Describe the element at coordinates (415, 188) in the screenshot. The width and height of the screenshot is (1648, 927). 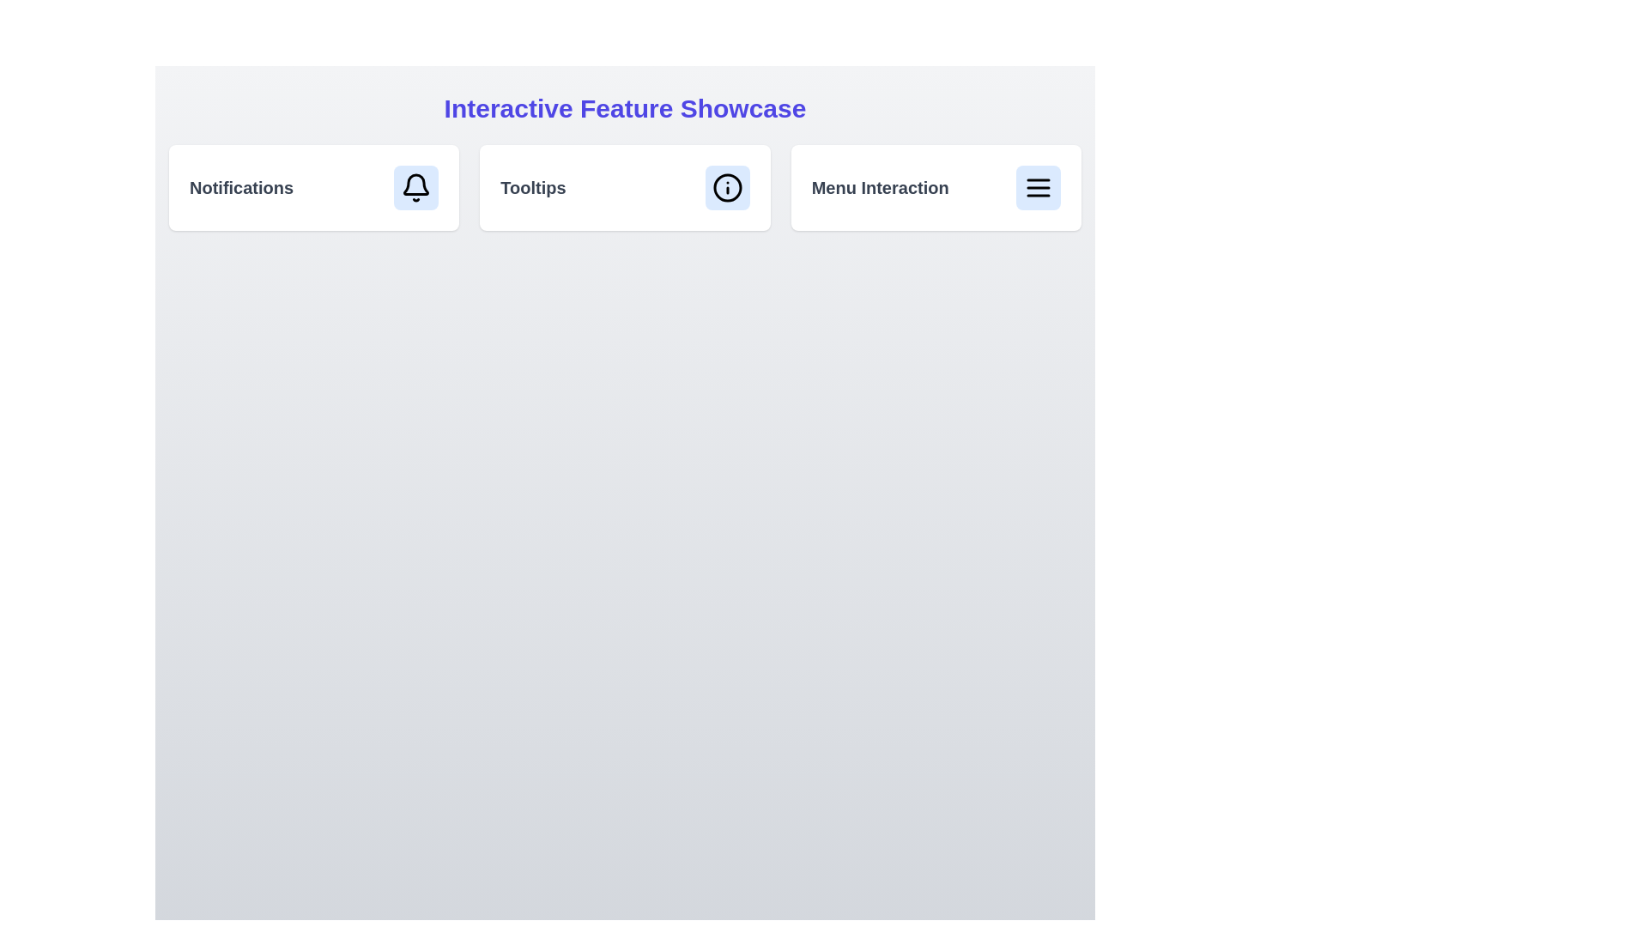
I see `the bell icon located within the Notifications card` at that location.